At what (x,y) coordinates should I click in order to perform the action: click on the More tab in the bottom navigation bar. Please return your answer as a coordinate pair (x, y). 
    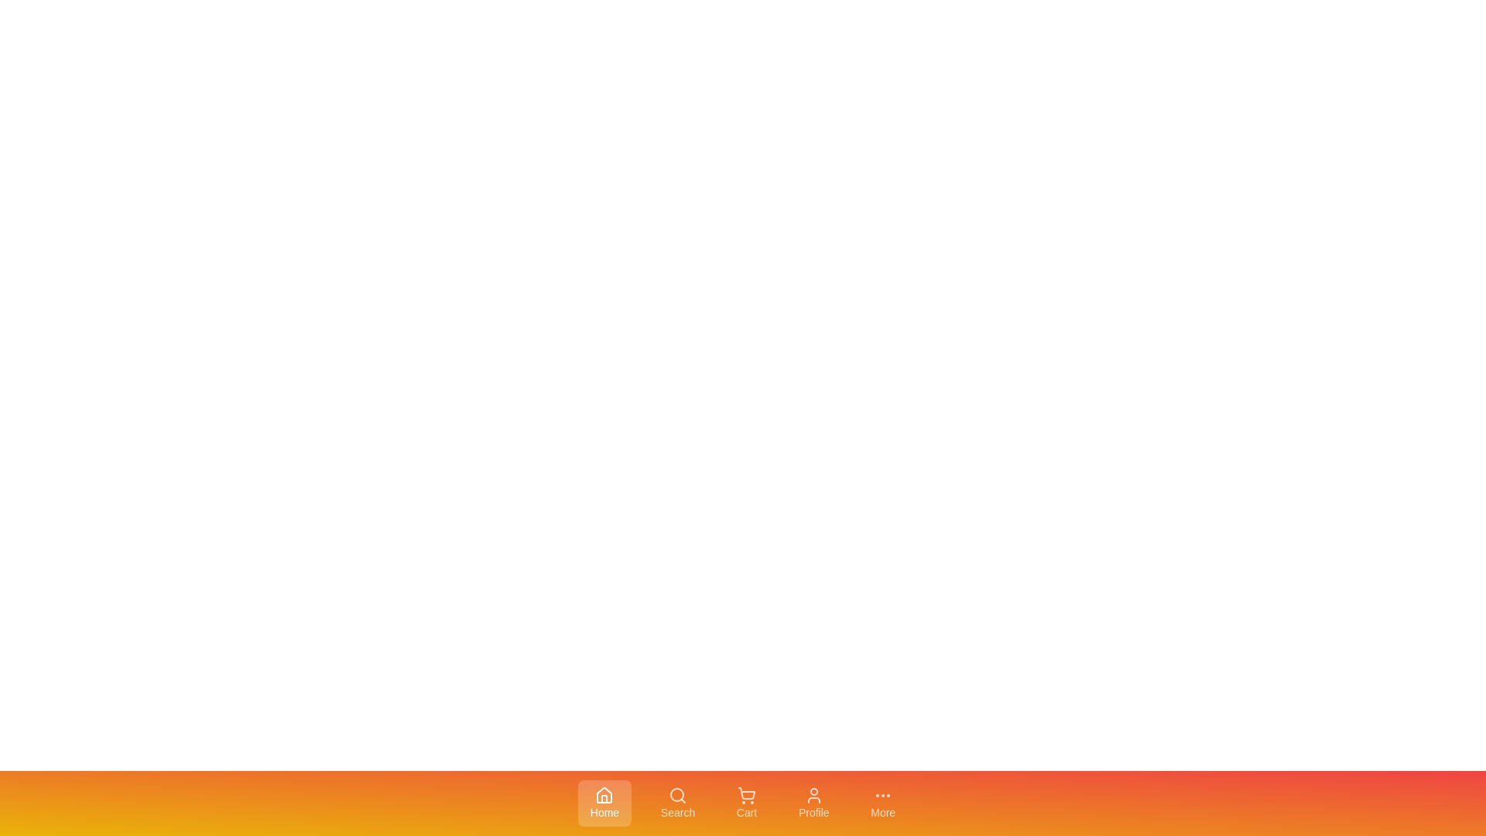
    Looking at the image, I should click on (883, 802).